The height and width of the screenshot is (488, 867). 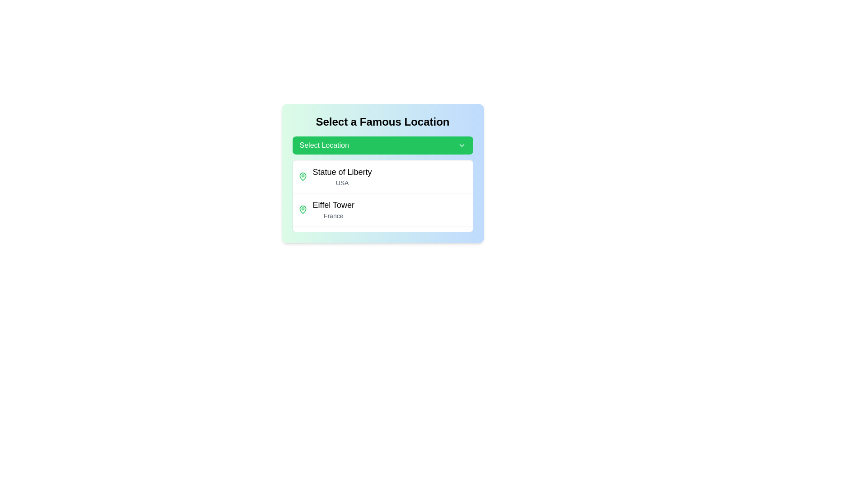 I want to click on text label displaying 'France' which is positioned below 'Eiffel Tower' in a small gray font, so click(x=333, y=216).